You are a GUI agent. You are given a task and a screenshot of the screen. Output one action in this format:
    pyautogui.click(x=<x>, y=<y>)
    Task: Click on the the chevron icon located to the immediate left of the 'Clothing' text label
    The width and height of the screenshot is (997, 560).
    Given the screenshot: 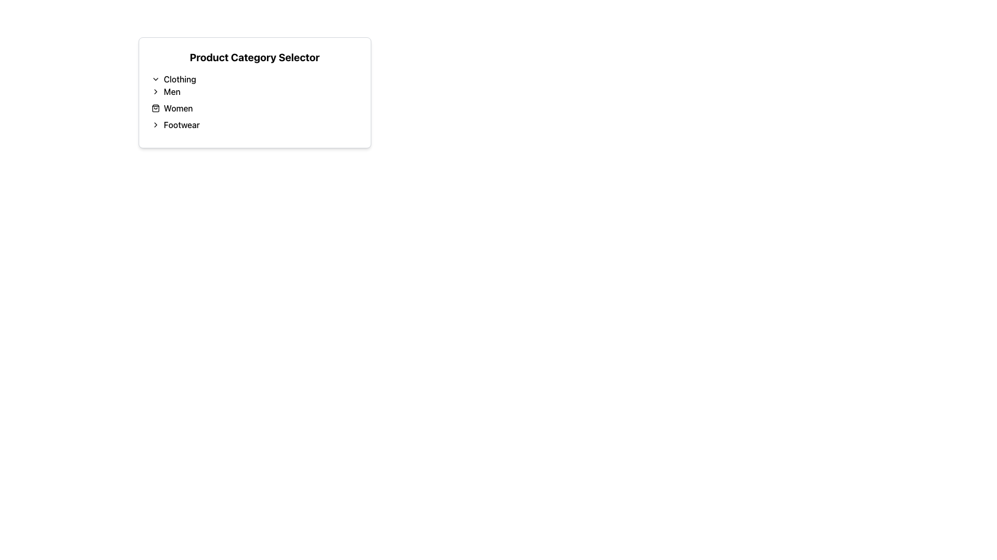 What is the action you would take?
    pyautogui.click(x=155, y=79)
    